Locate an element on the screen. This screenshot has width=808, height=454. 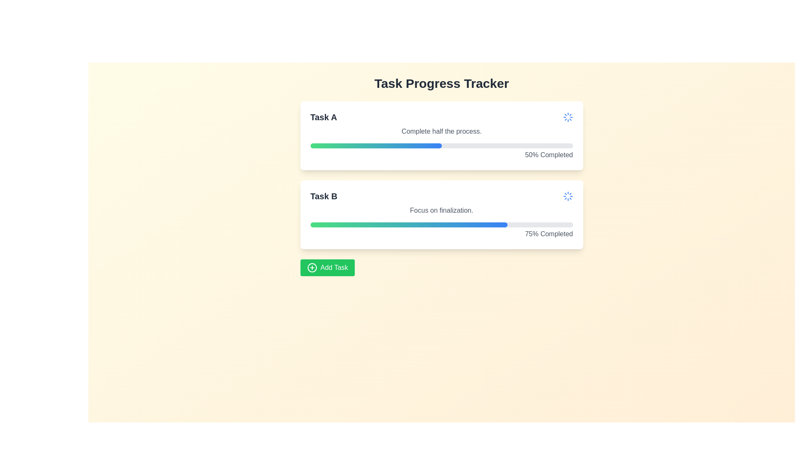
the 'Add New Task' button located below 'Task A' and 'Task B' is located at coordinates (327, 267).